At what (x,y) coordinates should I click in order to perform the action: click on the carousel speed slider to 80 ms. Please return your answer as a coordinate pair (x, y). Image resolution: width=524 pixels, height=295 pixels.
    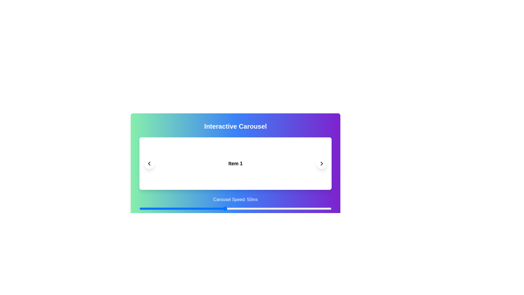
    Looking at the image, I should click on (288, 208).